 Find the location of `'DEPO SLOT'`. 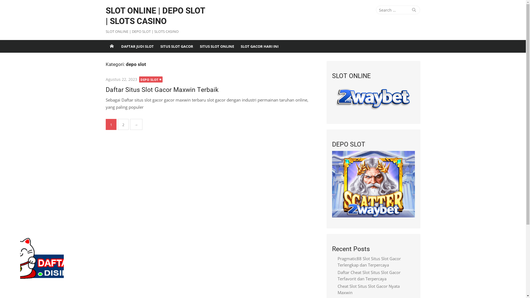

'DEPO SLOT' is located at coordinates (139, 79).